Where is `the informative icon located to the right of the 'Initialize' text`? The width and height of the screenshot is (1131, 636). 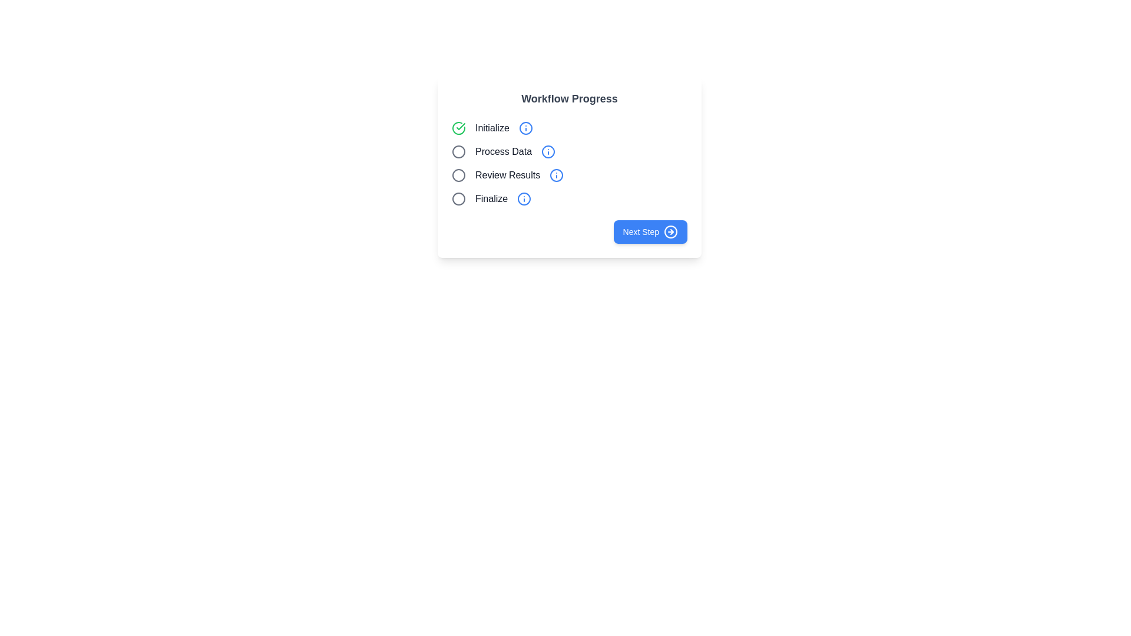 the informative icon located to the right of the 'Initialize' text is located at coordinates (525, 128).